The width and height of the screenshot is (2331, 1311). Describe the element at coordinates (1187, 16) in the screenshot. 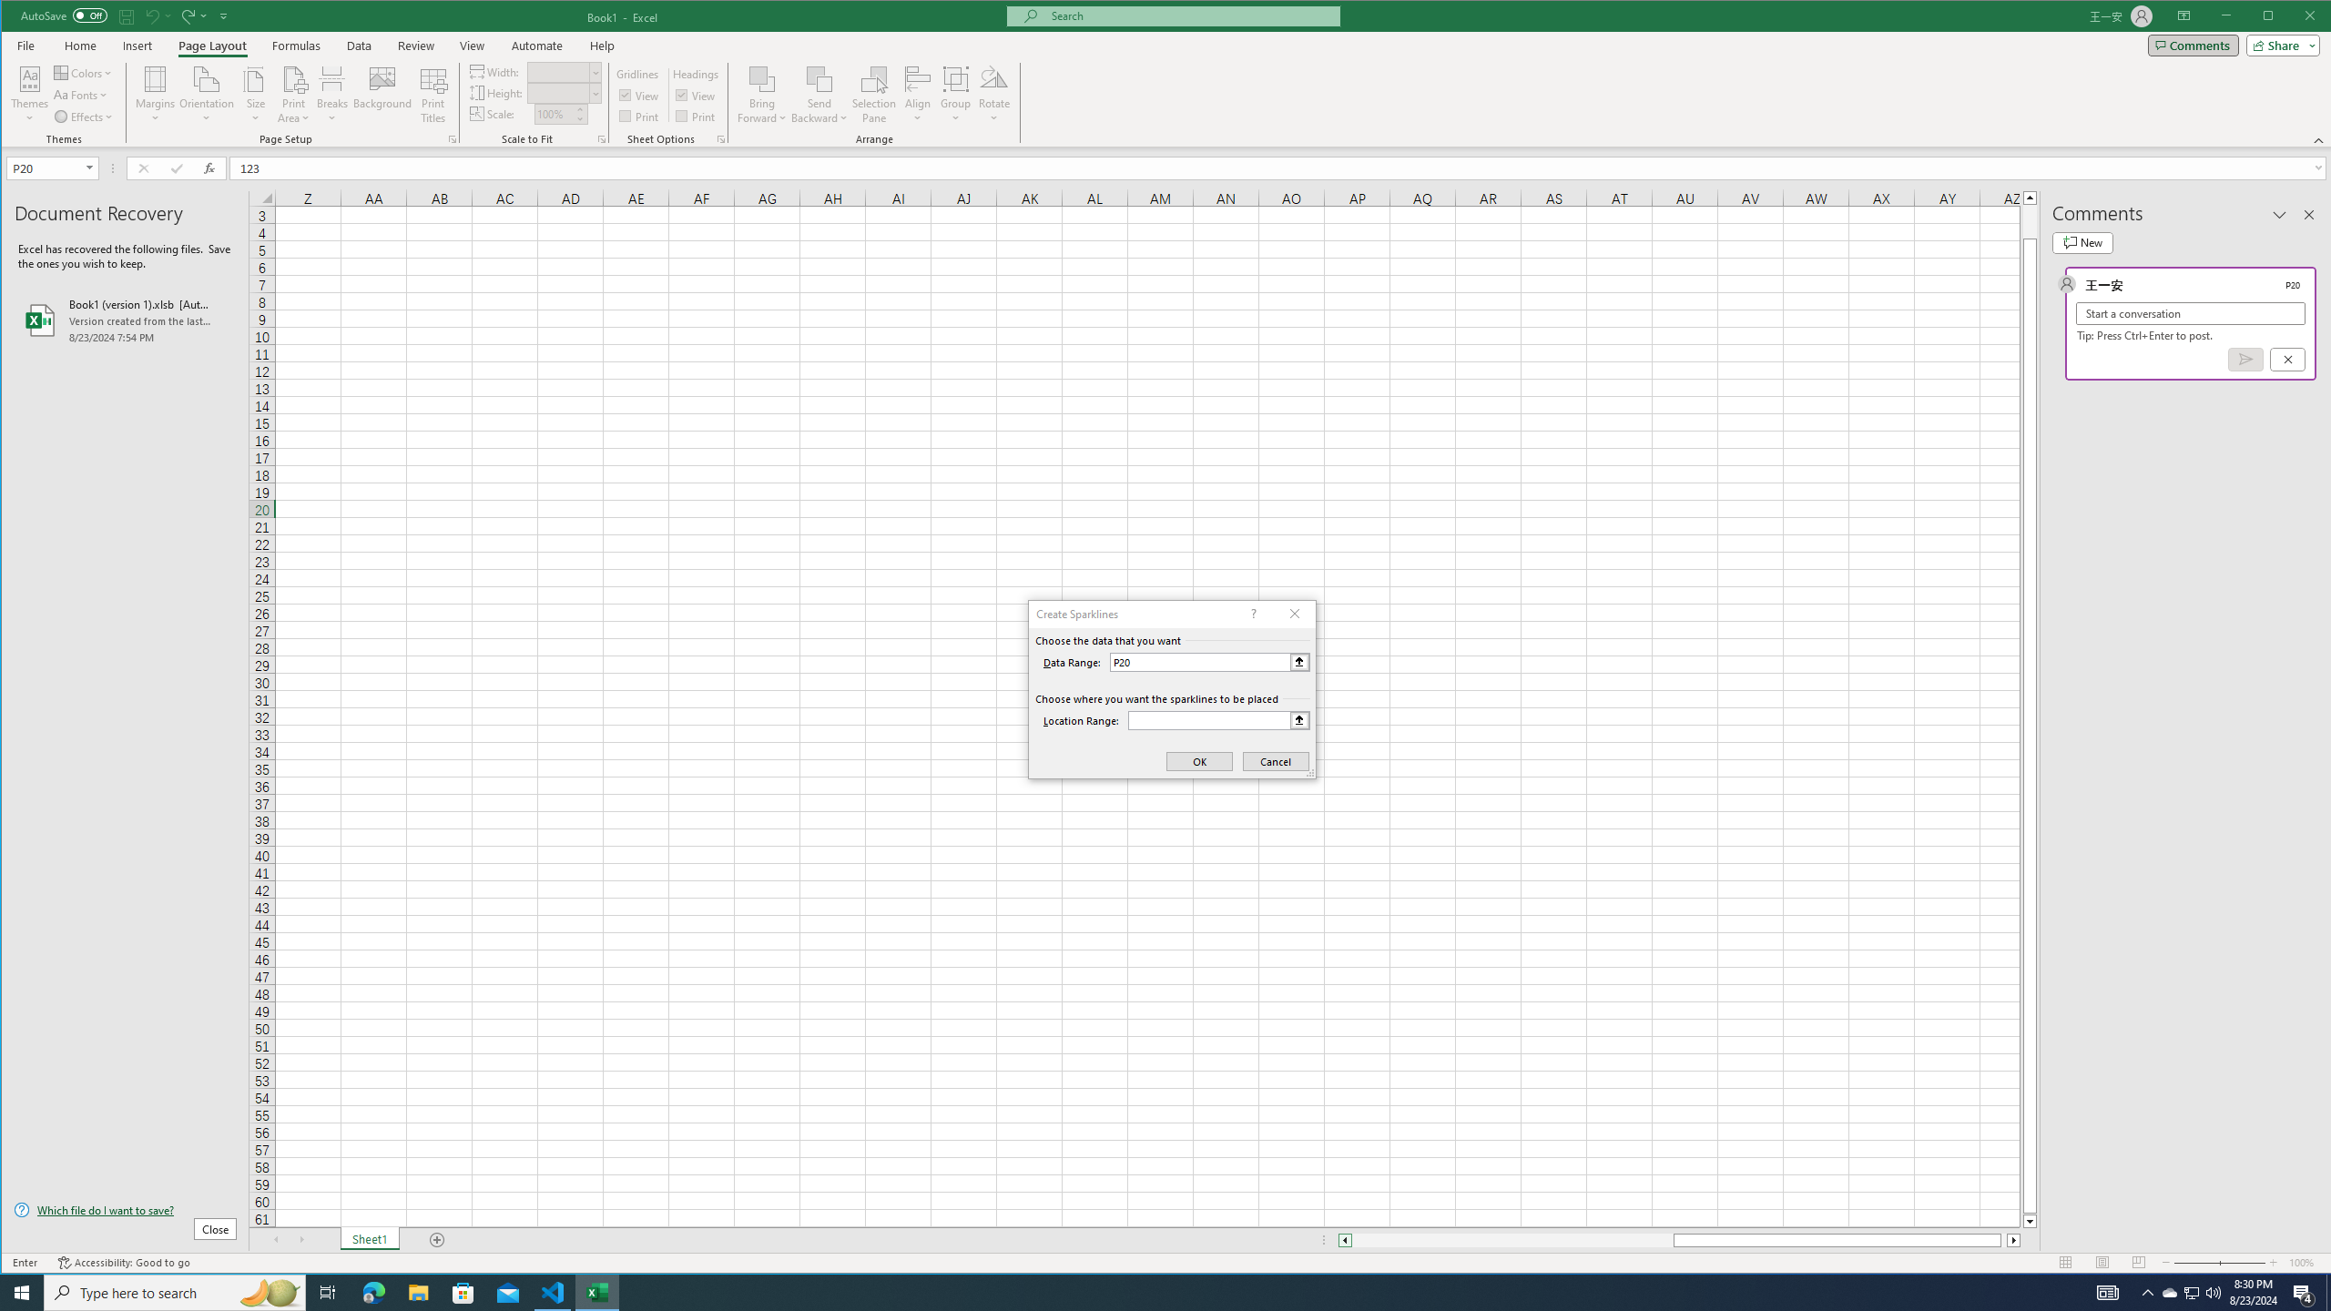

I see `'Microsoft search'` at that location.